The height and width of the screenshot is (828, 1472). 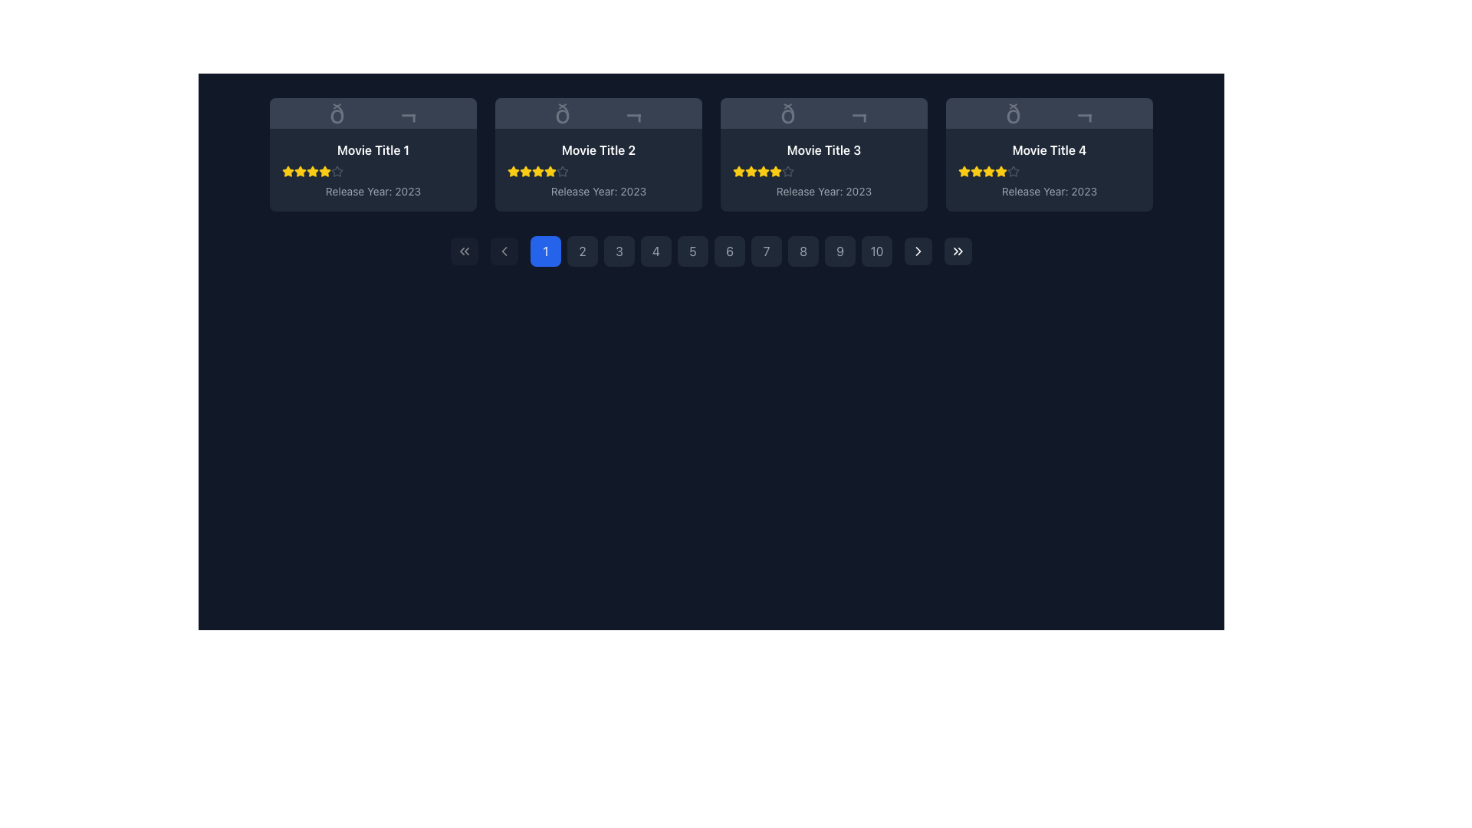 What do you see at coordinates (776, 171) in the screenshot?
I see `the fifth star in the rating row located under the 'Movie Title 3' card` at bounding box center [776, 171].